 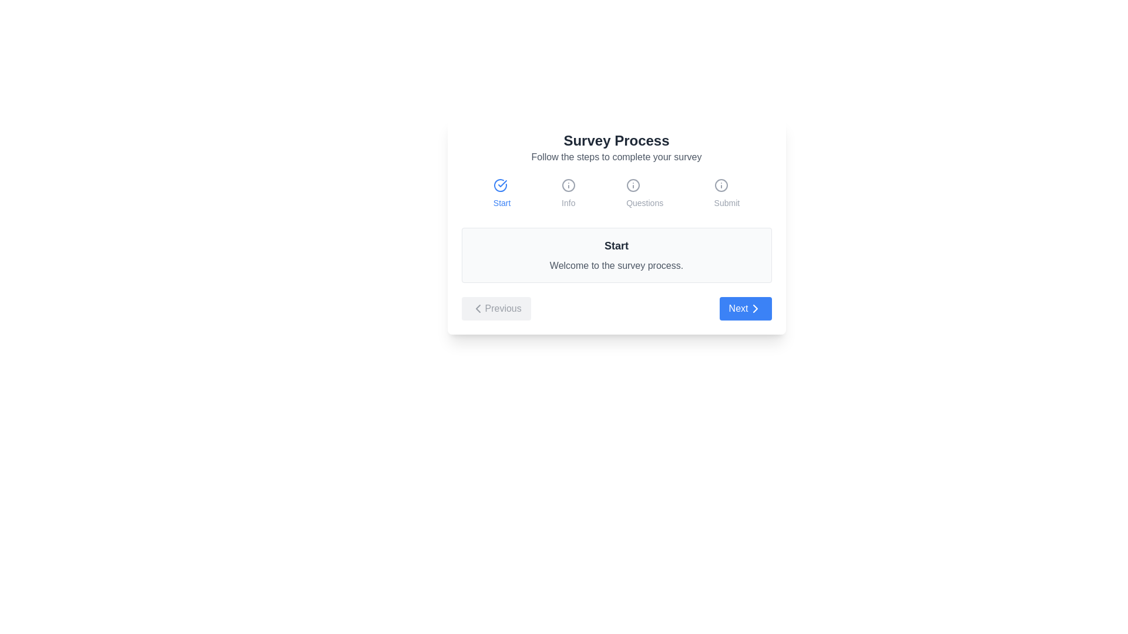 What do you see at coordinates (755, 308) in the screenshot?
I see `the small right-arrow icon with a blue background, which is positioned inside the 'Next' button and aligned to its right edge` at bounding box center [755, 308].